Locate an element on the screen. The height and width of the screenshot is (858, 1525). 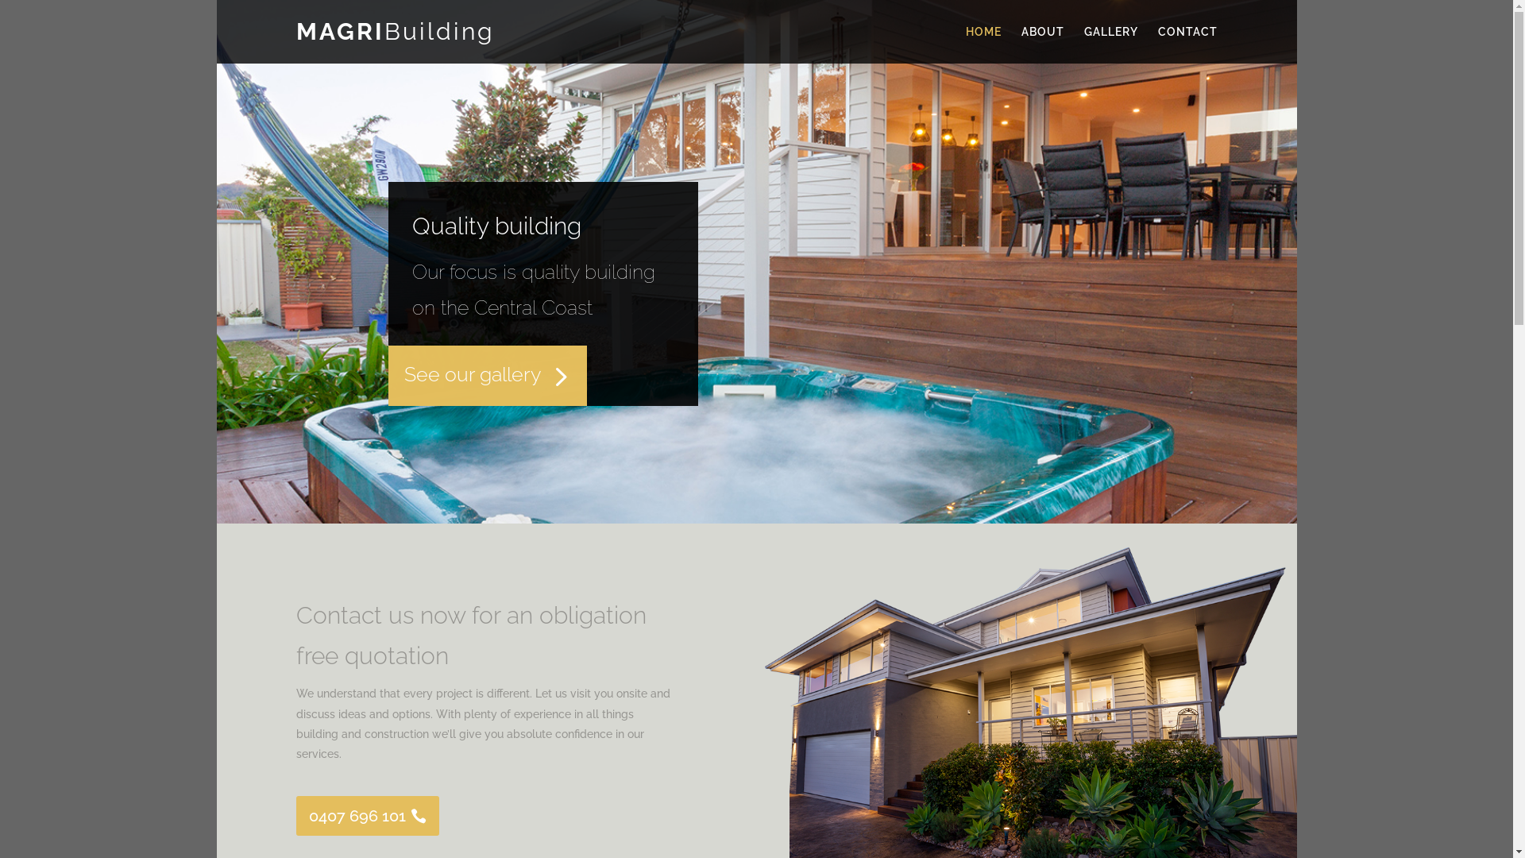
'ABOUT' is located at coordinates (1043, 44).